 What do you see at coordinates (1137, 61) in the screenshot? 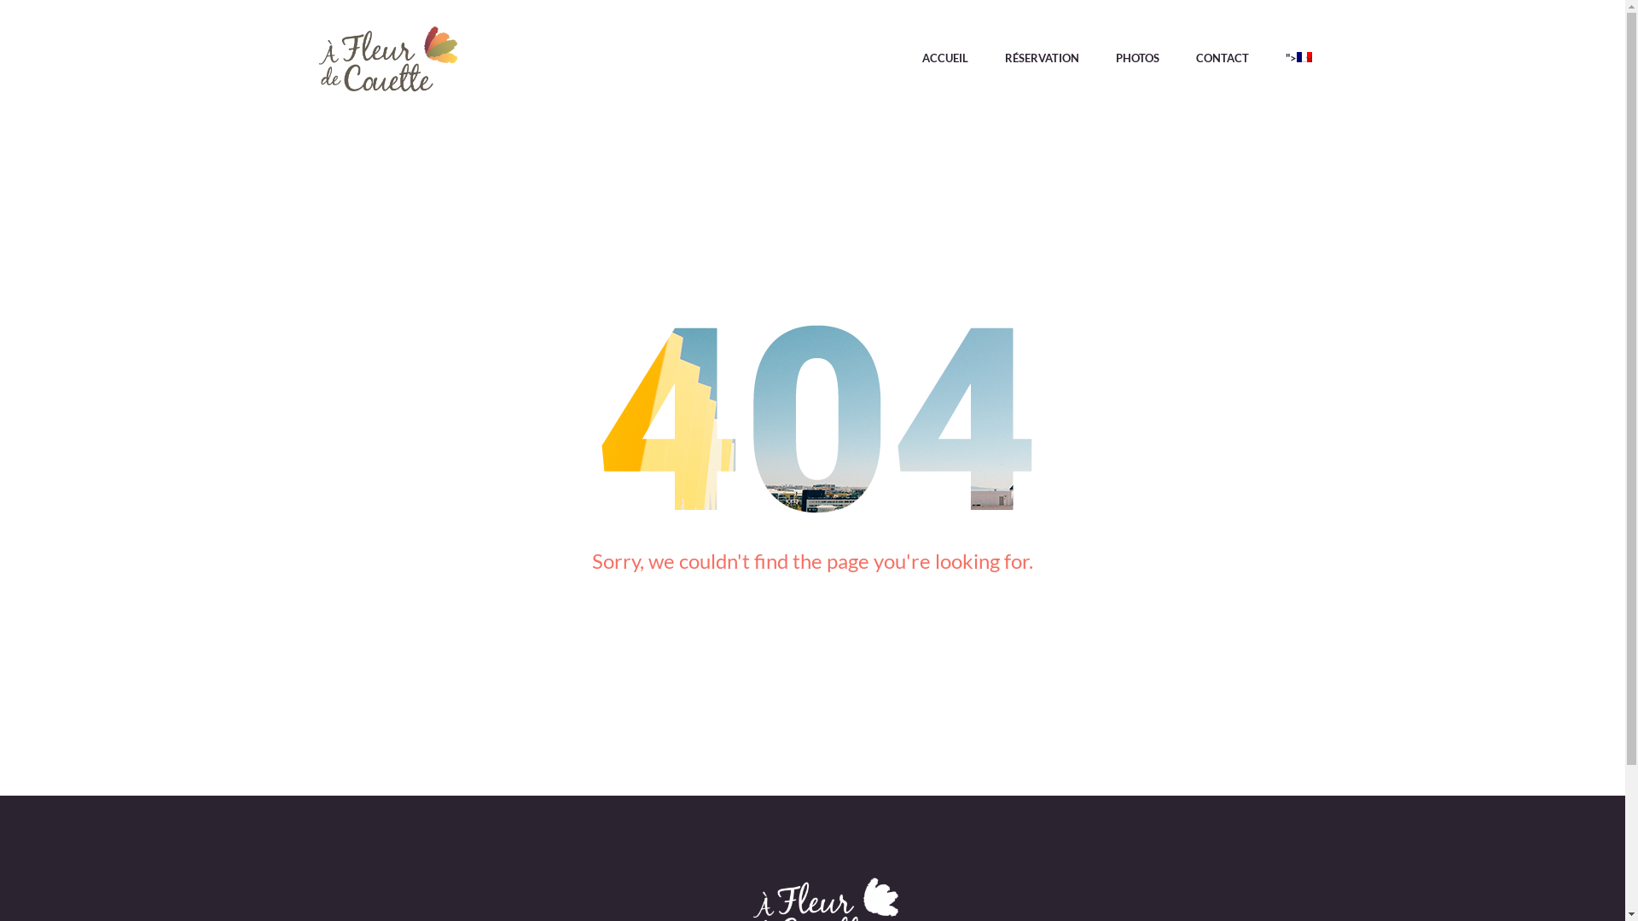
I see `'PHOTOS'` at bounding box center [1137, 61].